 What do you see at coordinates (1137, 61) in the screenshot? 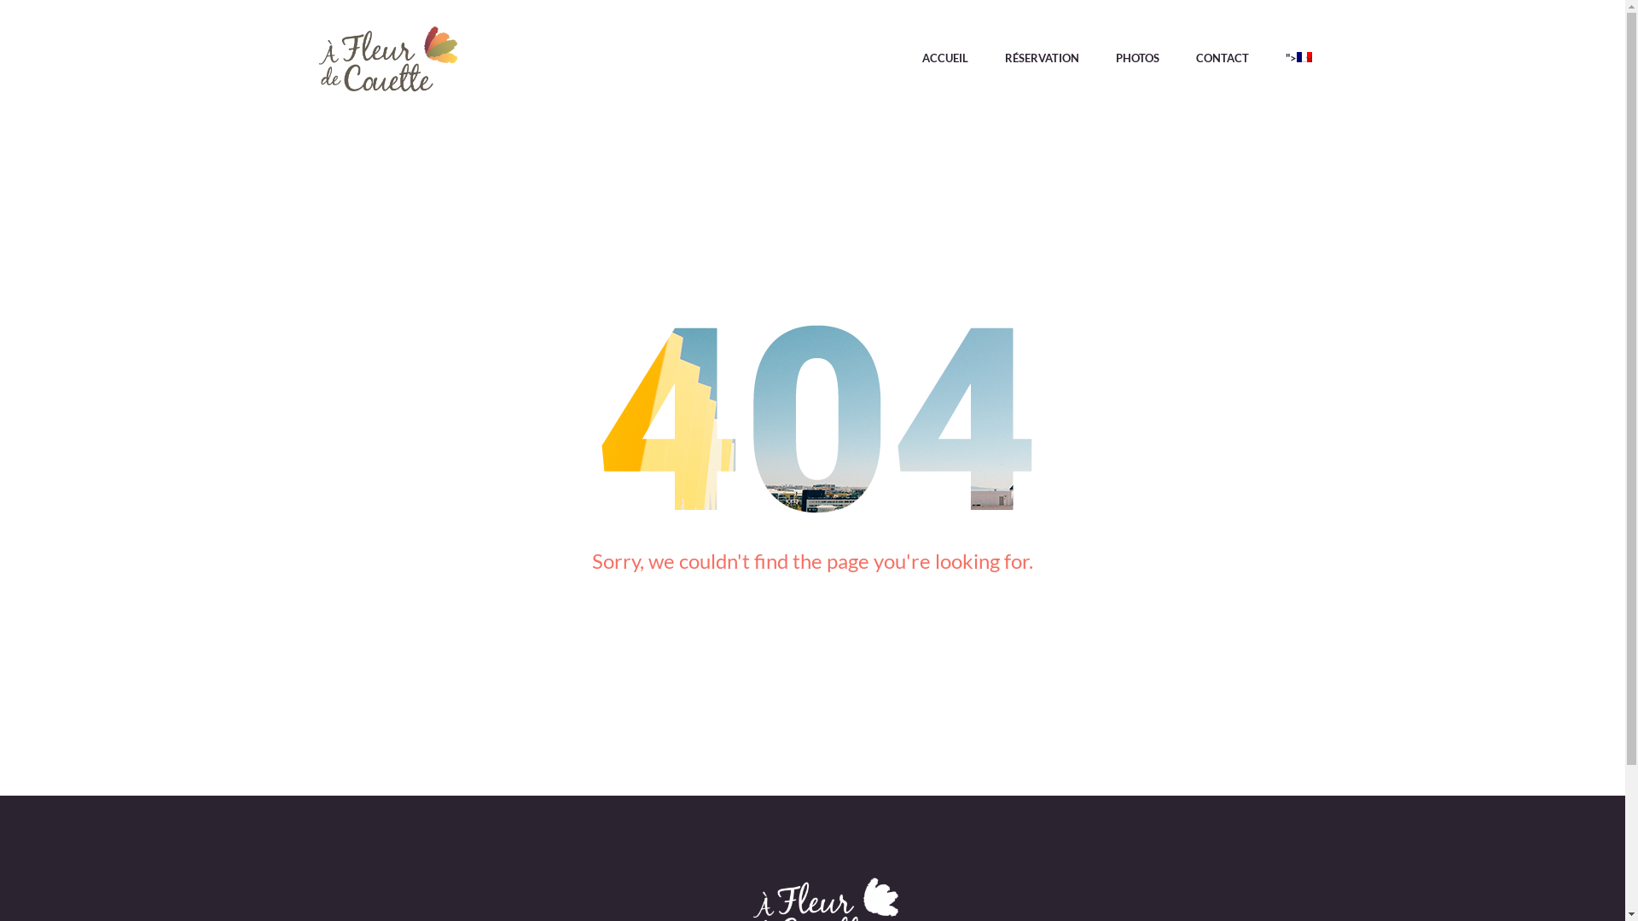
I see `'PHOTOS'` at bounding box center [1137, 61].